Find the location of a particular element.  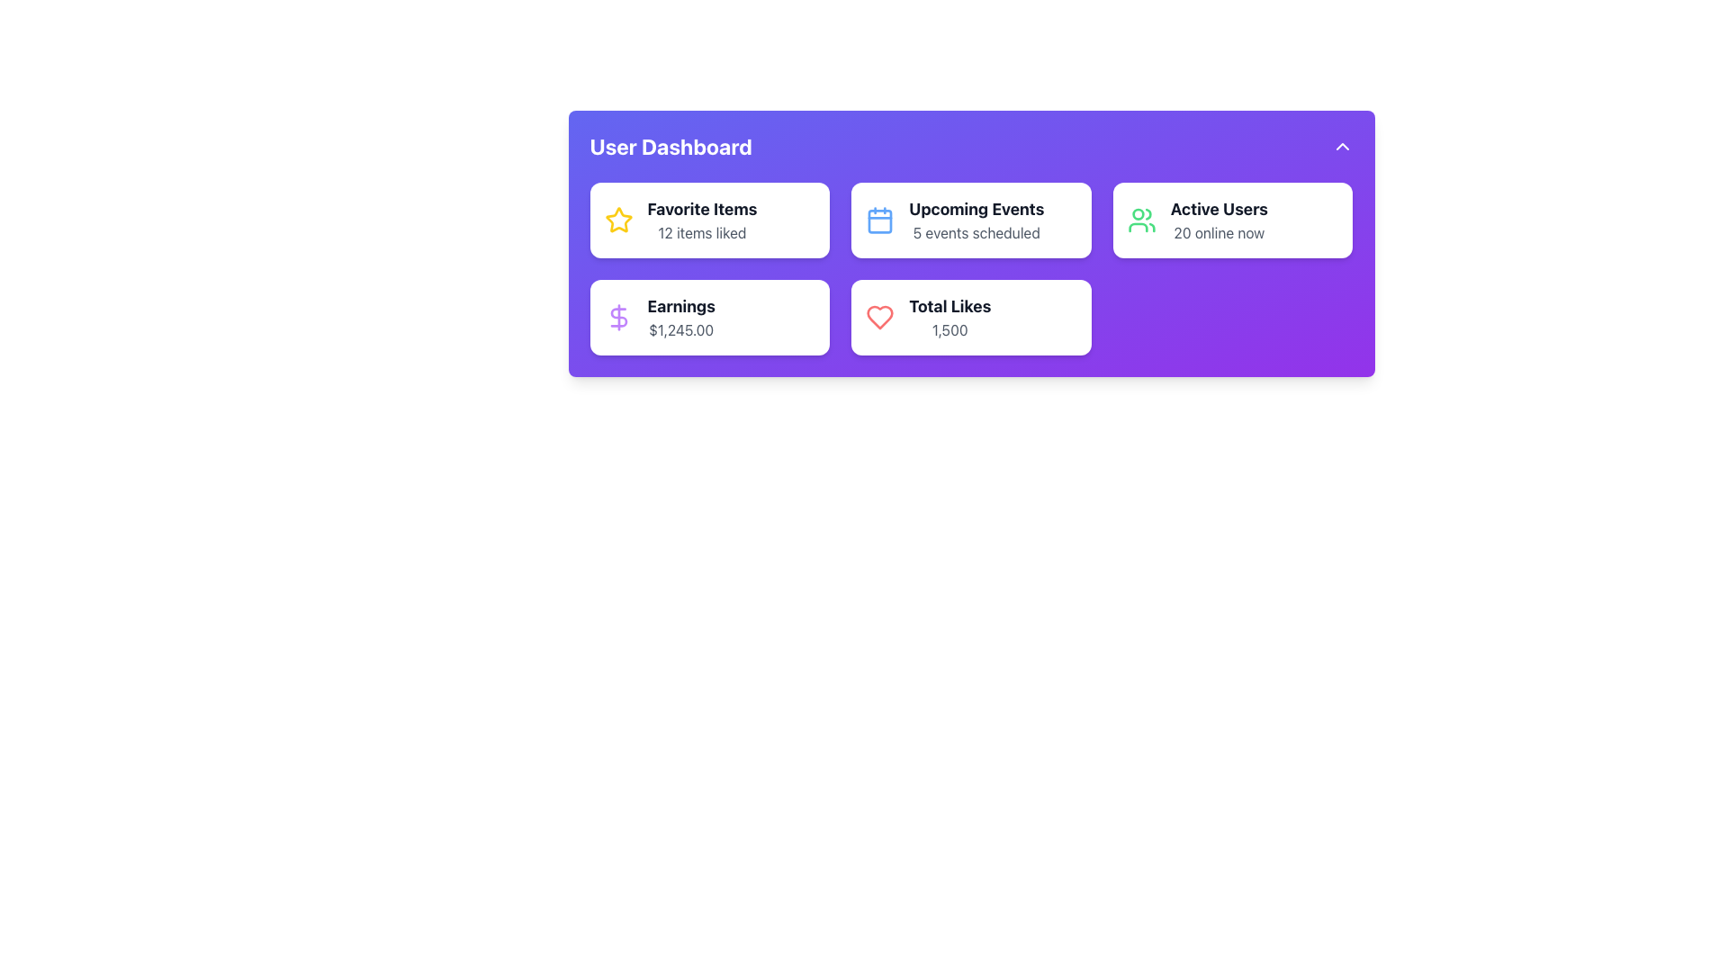

the text label displaying '12 items liked' located below the title 'Favorite Items' in the top-left rectangular block of the dashboard interface is located at coordinates (701, 231).